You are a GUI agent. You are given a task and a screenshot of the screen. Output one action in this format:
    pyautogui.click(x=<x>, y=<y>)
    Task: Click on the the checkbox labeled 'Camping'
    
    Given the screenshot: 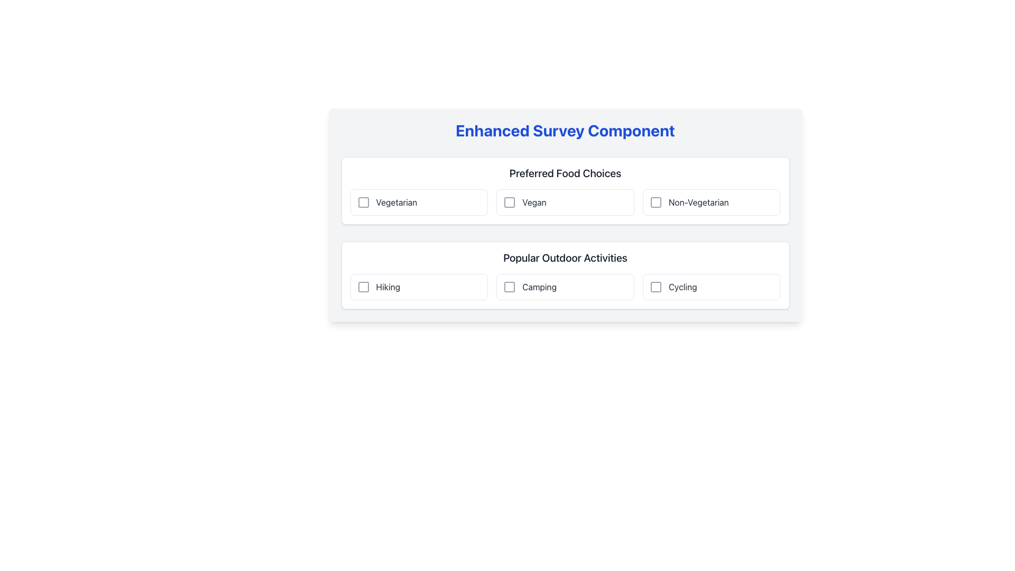 What is the action you would take?
    pyautogui.click(x=565, y=287)
    